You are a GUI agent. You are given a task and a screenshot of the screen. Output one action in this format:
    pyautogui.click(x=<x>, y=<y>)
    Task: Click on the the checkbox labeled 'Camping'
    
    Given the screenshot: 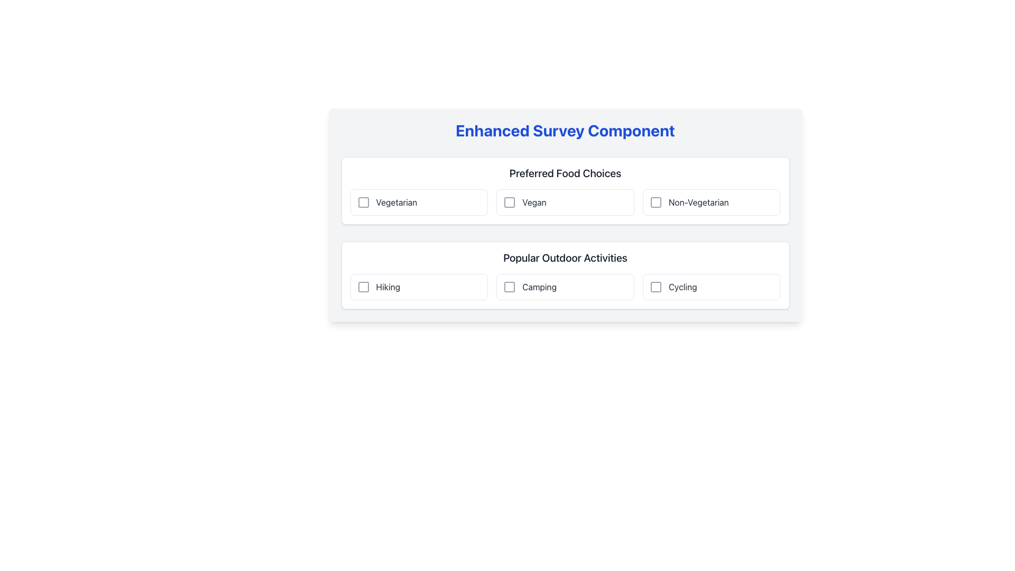 What is the action you would take?
    pyautogui.click(x=565, y=287)
    